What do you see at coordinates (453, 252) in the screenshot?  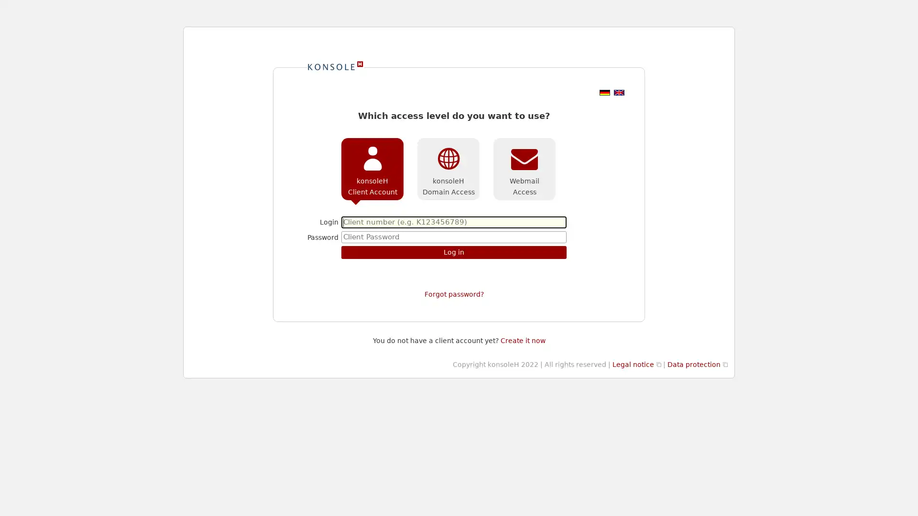 I see `Log in` at bounding box center [453, 252].